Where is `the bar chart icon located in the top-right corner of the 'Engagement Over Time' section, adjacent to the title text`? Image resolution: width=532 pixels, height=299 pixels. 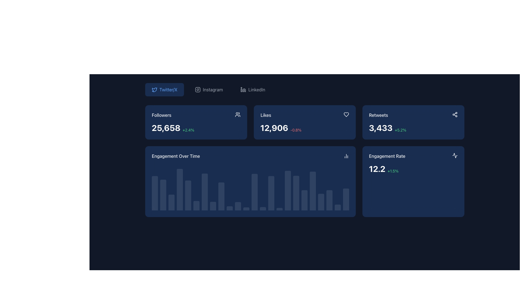 the bar chart icon located in the top-right corner of the 'Engagement Over Time' section, adjacent to the title text is located at coordinates (346, 156).